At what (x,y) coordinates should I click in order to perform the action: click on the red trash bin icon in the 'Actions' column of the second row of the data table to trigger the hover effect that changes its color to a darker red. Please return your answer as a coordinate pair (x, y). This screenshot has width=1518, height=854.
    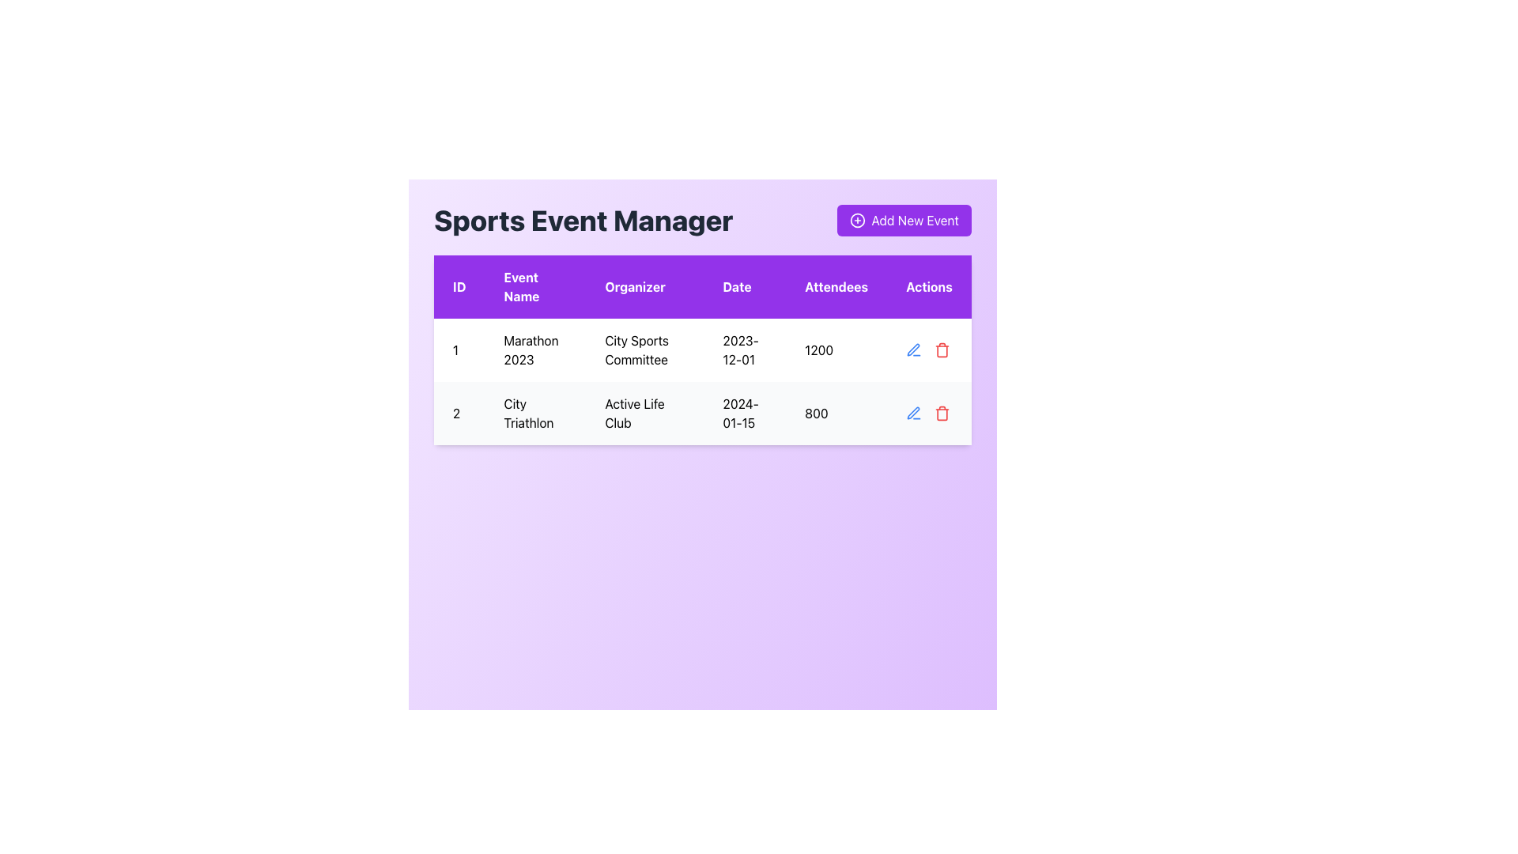
    Looking at the image, I should click on (942, 350).